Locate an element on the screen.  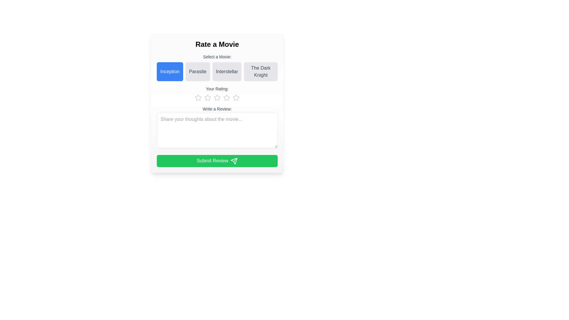
the text label or heading that serves as the title for the form, located at the top-center of the form layout, just above the 'Select a Movie:' section is located at coordinates (217, 44).